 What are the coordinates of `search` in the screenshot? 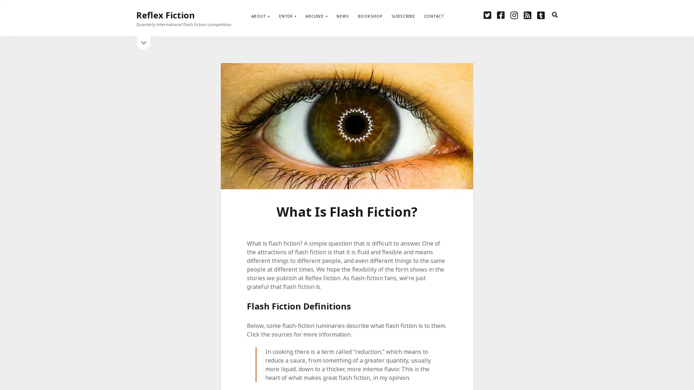 It's located at (554, 15).